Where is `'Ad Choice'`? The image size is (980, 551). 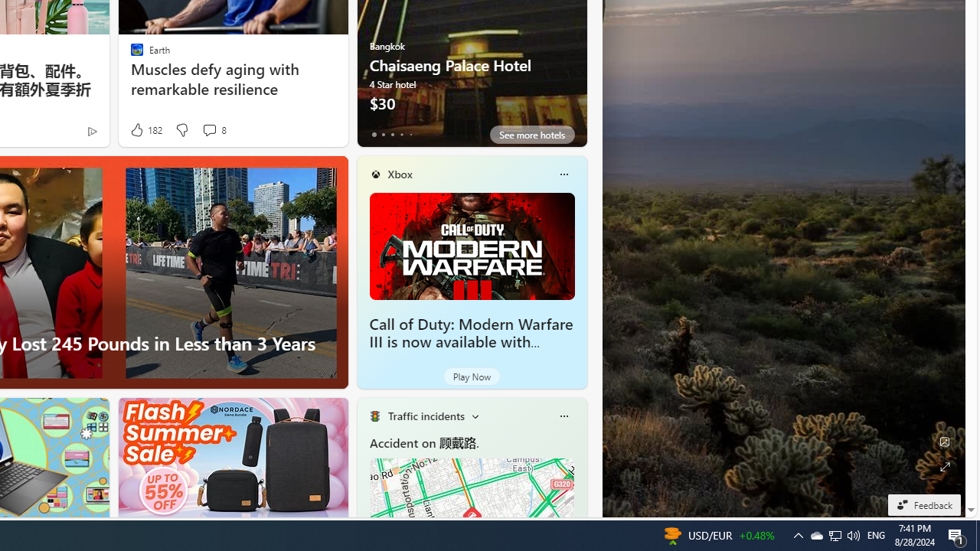 'Ad Choice' is located at coordinates (91, 130).